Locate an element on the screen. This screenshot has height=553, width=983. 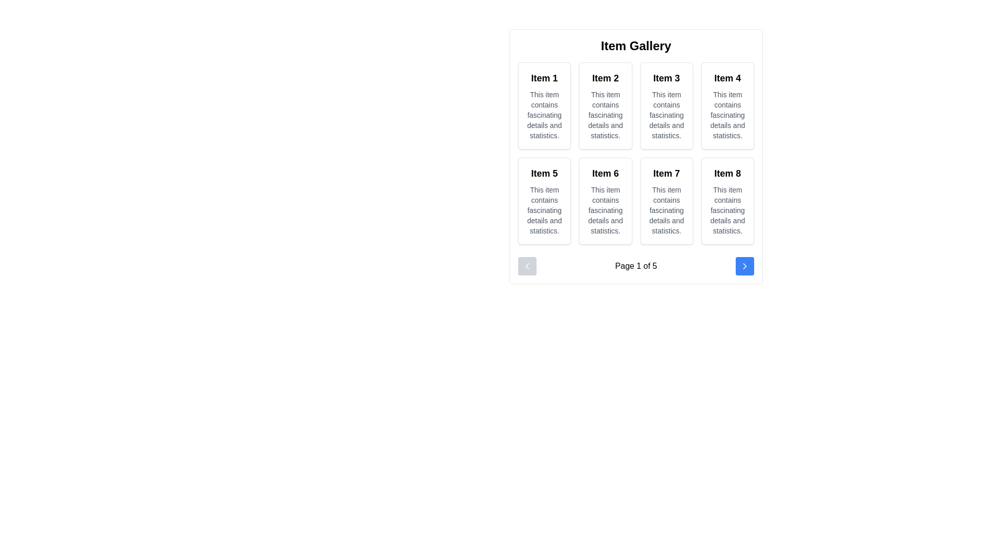
the non-interactive text block providing additional information about 'Item 2', located in the first row and second column of the grid layout is located at coordinates (605, 115).